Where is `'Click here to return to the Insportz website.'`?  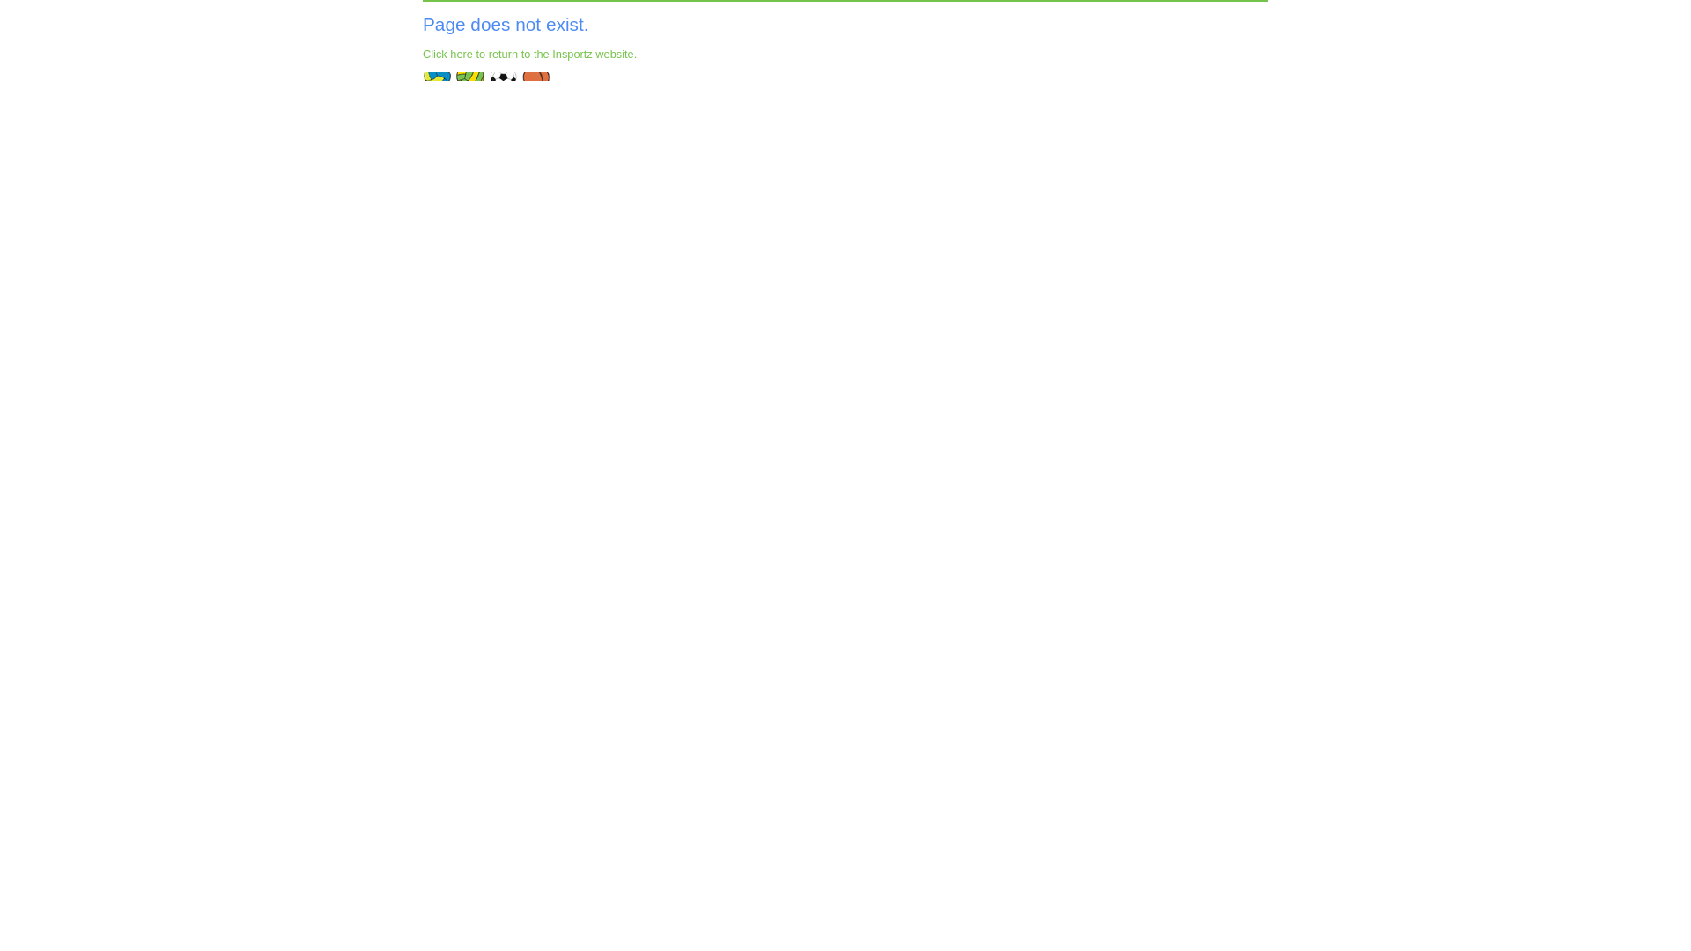 'Click here to return to the Insportz website.' is located at coordinates (528, 53).